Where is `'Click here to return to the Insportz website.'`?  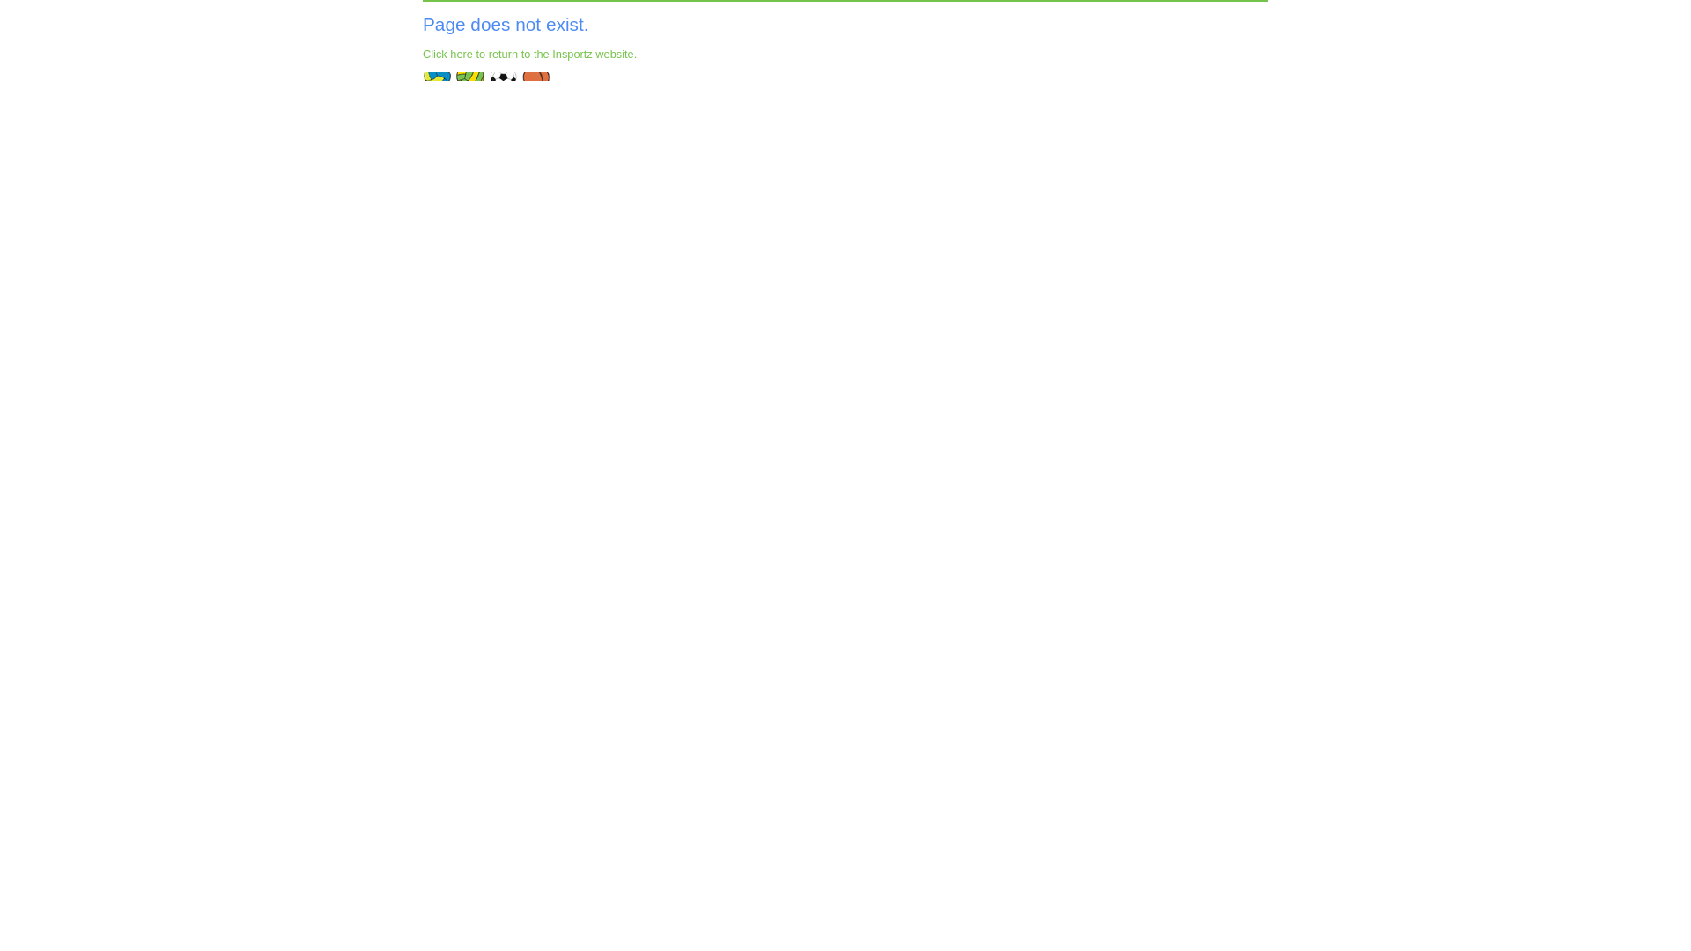 'Click here to return to the Insportz website.' is located at coordinates (528, 53).